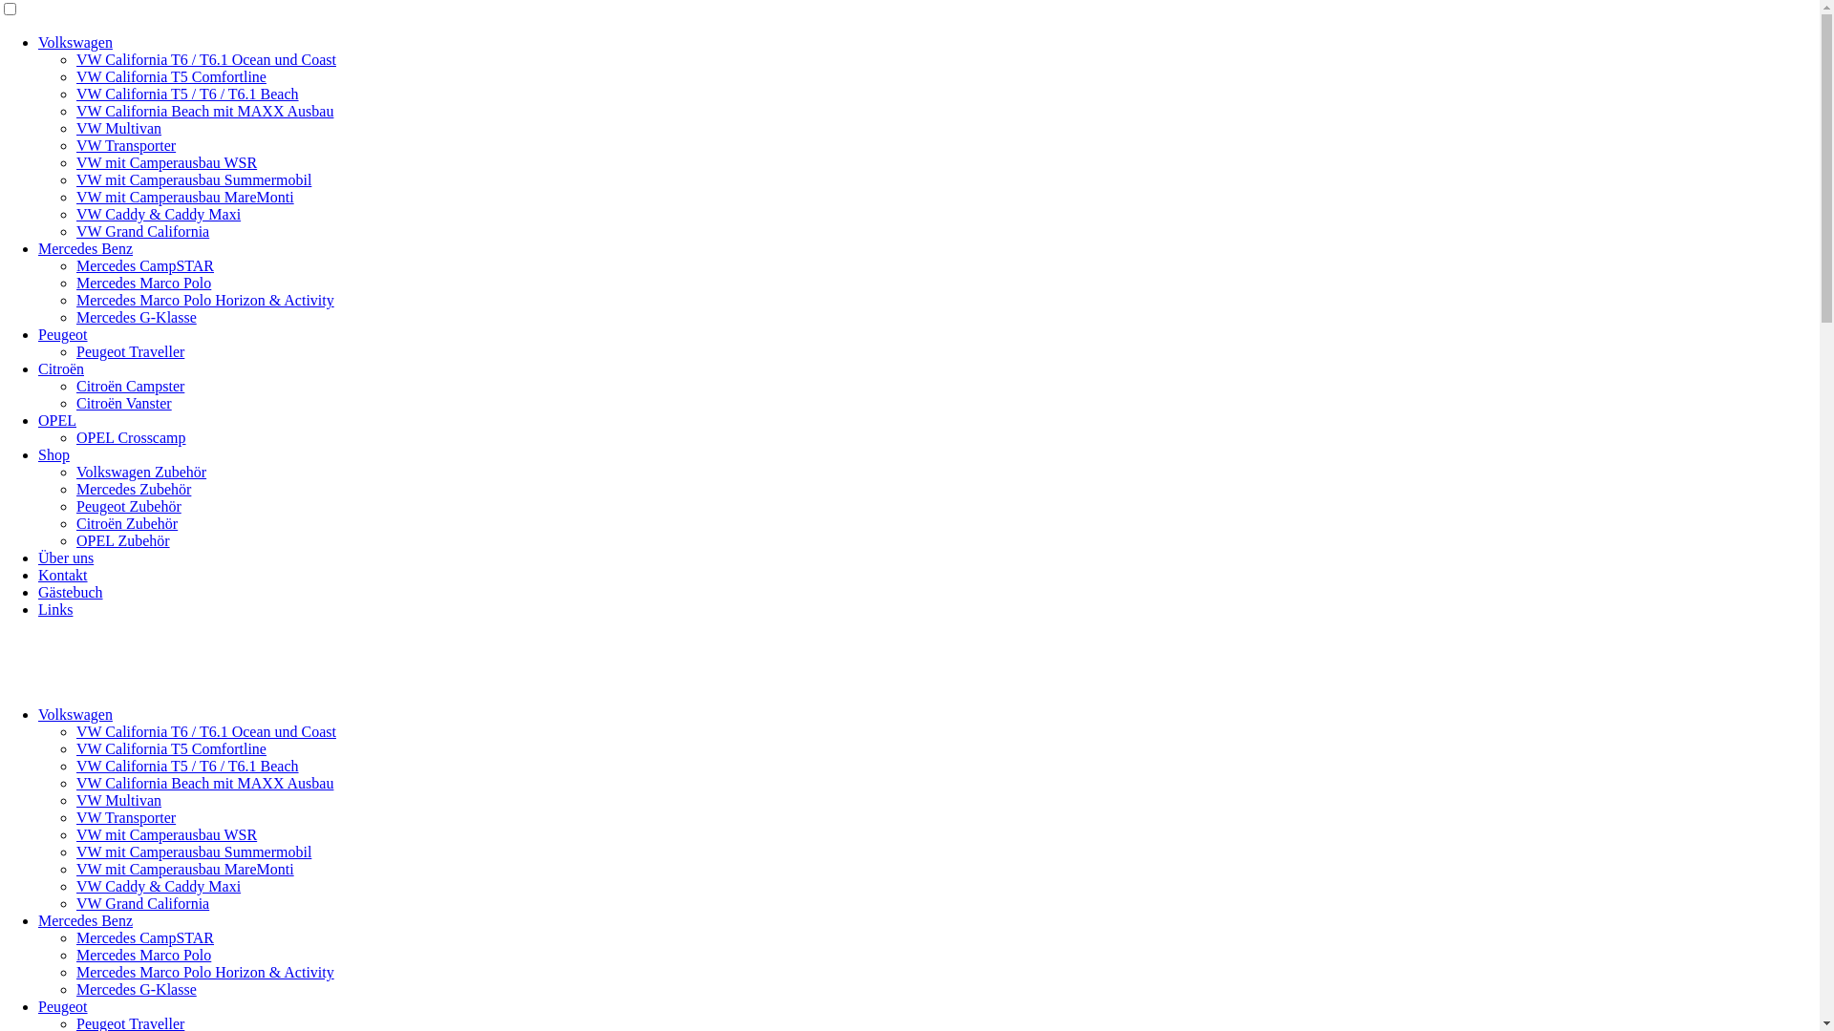  Describe the element at coordinates (76, 936) in the screenshot. I see `'Mercedes CampSTAR'` at that location.